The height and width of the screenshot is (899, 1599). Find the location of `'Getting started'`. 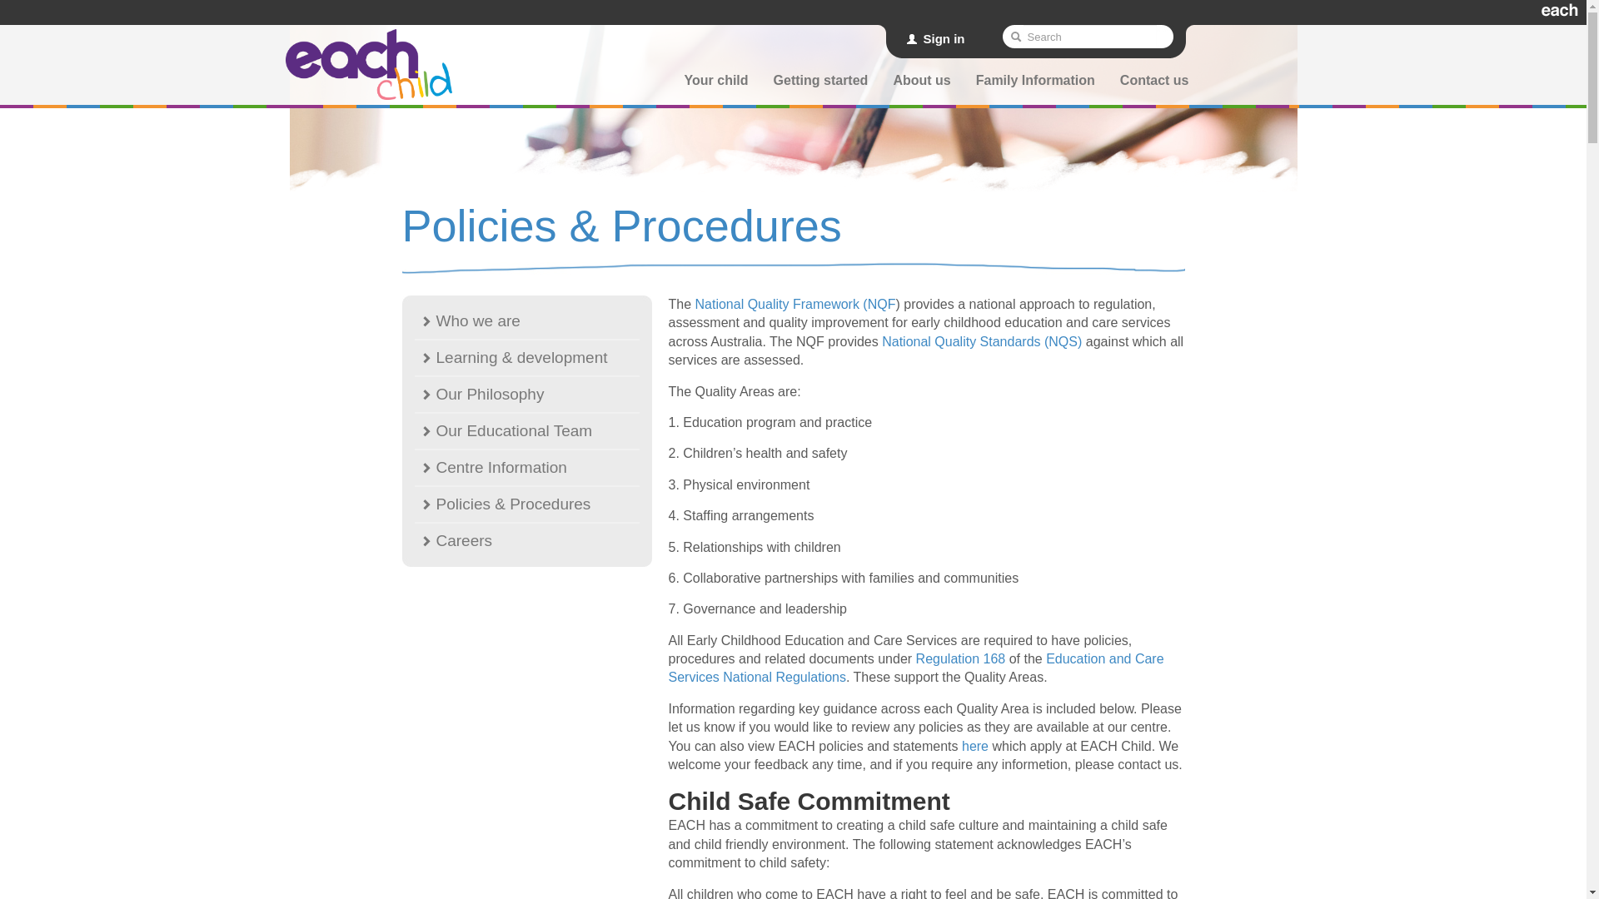

'Getting started' is located at coordinates (820, 83).